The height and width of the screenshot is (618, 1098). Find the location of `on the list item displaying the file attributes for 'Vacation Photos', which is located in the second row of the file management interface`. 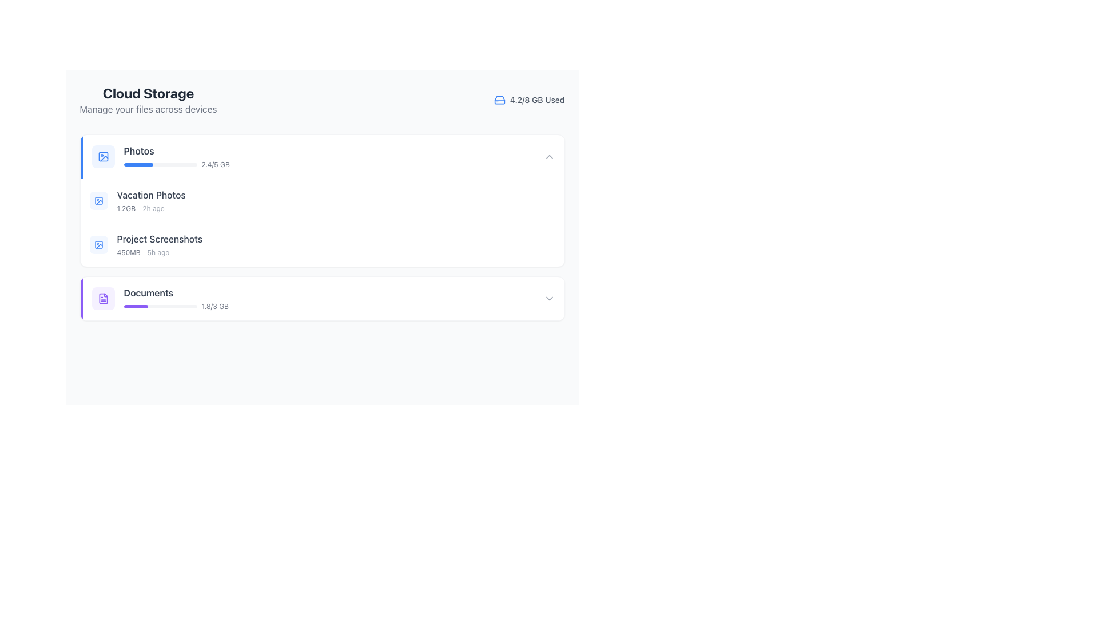

on the list item displaying the file attributes for 'Vacation Photos', which is located in the second row of the file management interface is located at coordinates (150, 200).